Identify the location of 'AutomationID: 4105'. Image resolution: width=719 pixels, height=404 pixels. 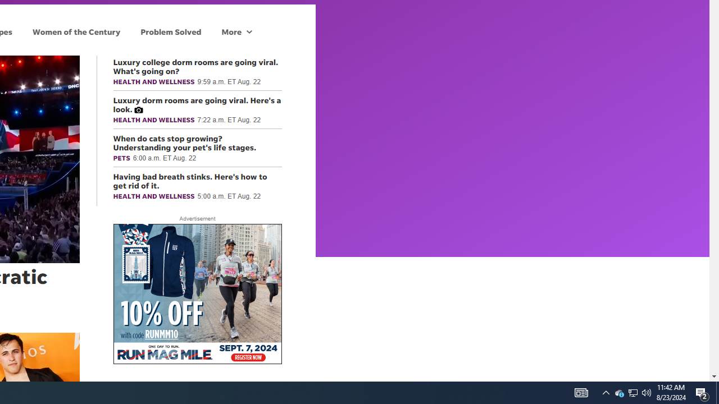
(606, 392).